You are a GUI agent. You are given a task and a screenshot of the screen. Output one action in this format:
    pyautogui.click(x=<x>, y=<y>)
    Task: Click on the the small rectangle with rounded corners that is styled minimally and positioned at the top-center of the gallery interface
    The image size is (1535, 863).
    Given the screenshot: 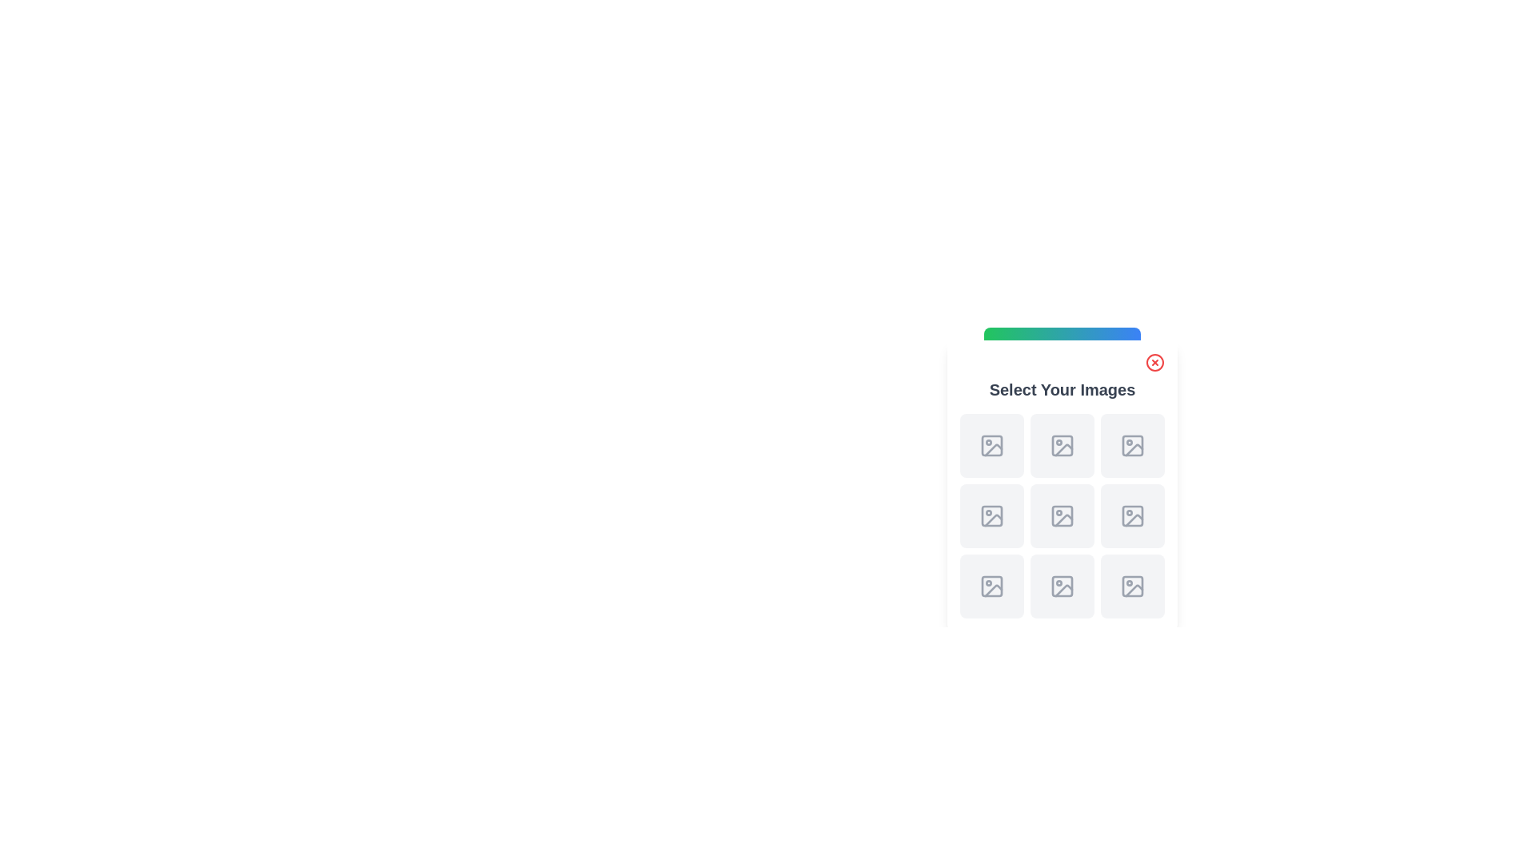 What is the action you would take?
    pyautogui.click(x=1012, y=347)
    